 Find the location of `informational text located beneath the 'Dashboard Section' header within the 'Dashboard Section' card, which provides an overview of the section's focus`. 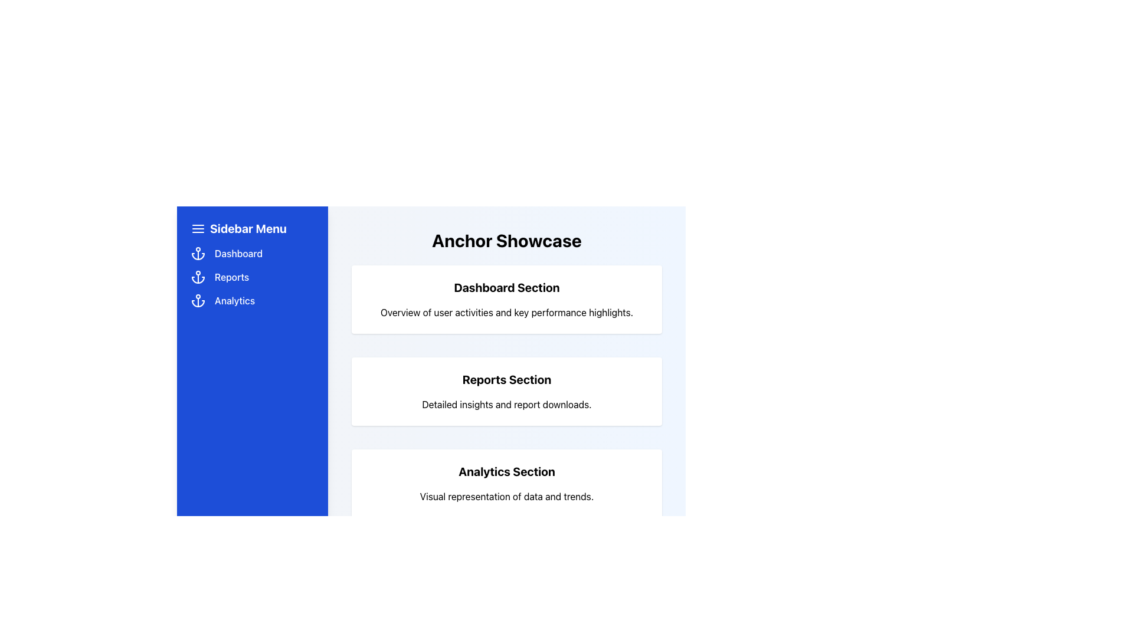

informational text located beneath the 'Dashboard Section' header within the 'Dashboard Section' card, which provides an overview of the section's focus is located at coordinates (507, 311).